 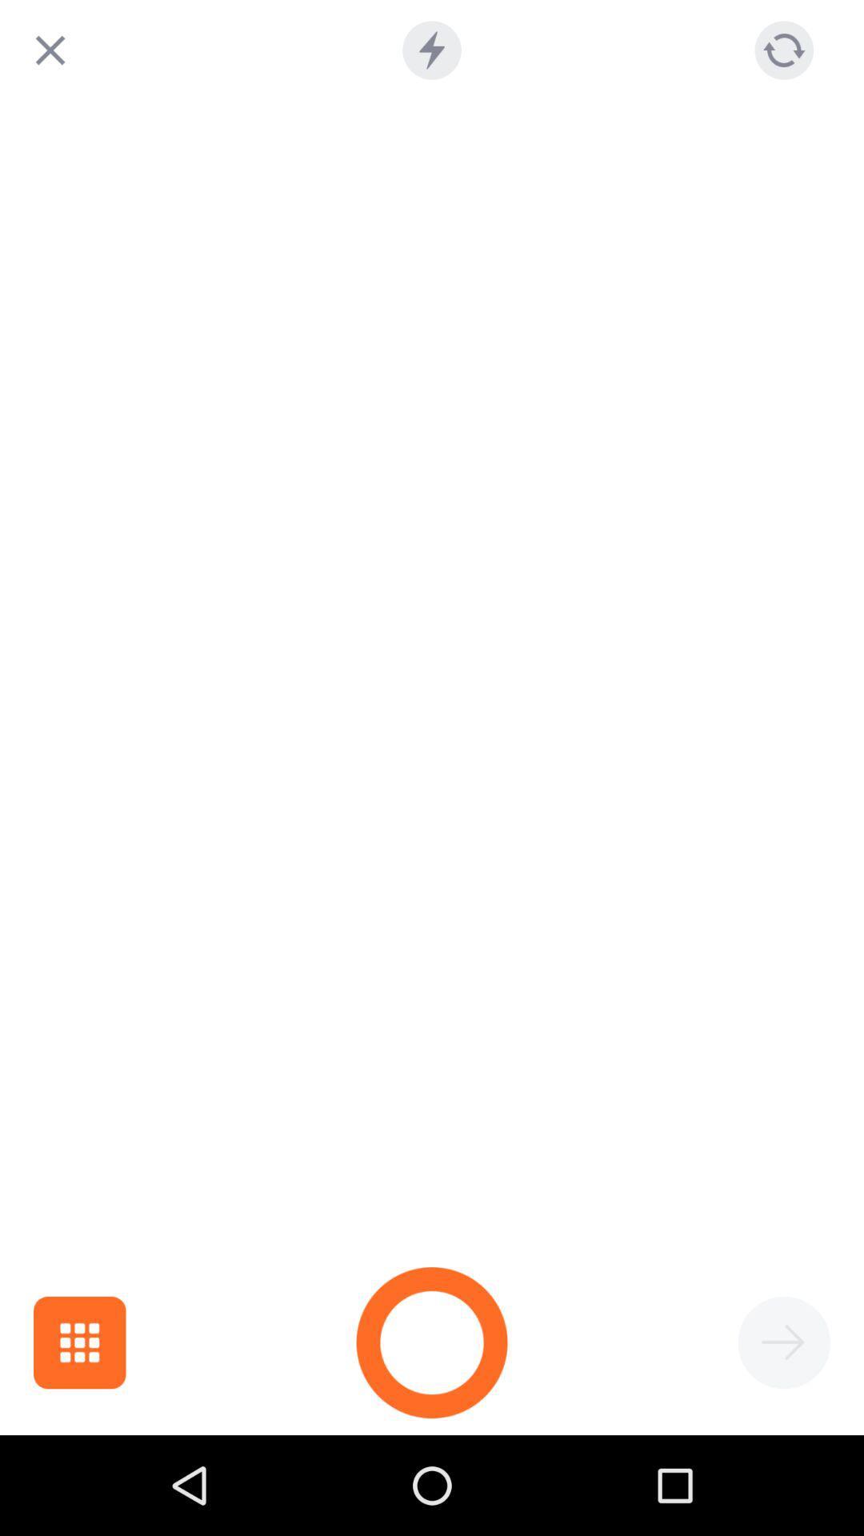 I want to click on the refresh icon, so click(x=783, y=50).